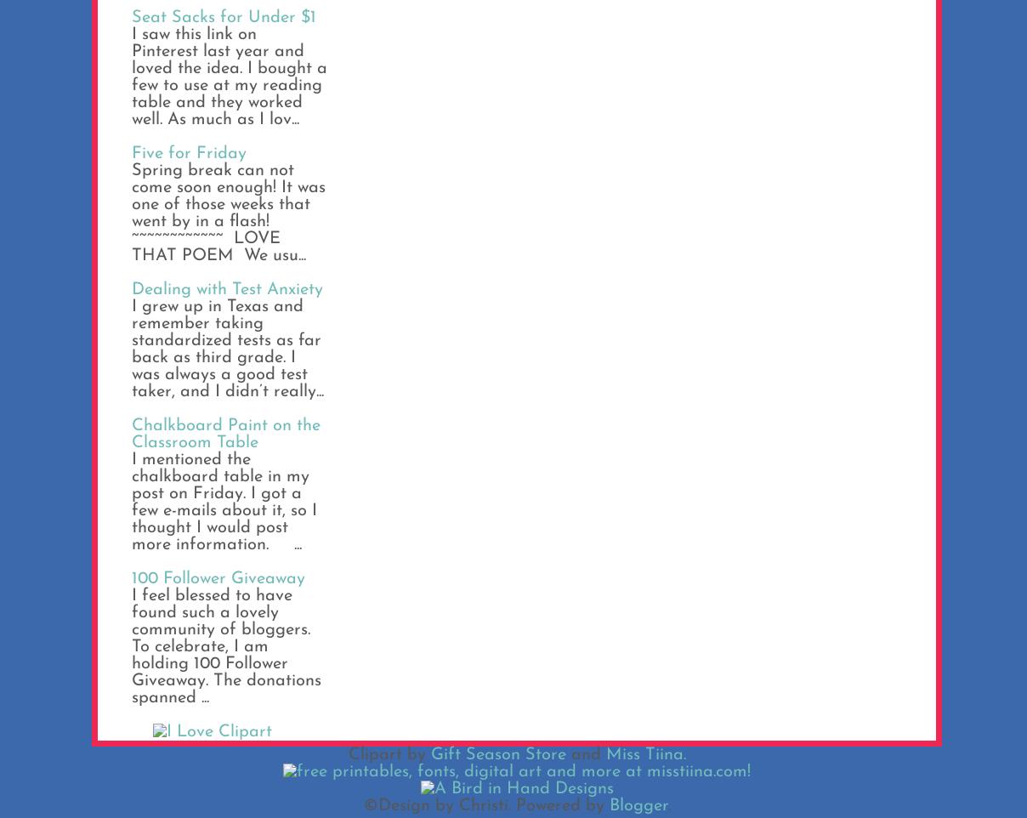  I want to click on 'Dealing with Test Anxiety', so click(227, 290).